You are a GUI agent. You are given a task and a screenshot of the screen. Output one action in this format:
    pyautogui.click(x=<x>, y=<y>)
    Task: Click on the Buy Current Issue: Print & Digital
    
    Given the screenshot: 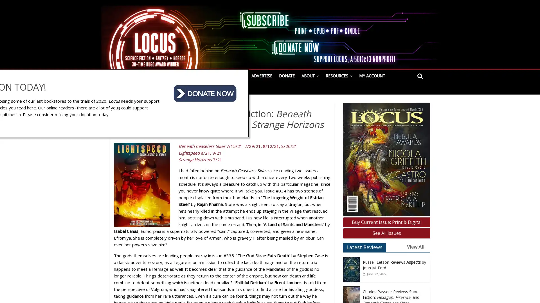 What is the action you would take?
    pyautogui.click(x=386, y=222)
    